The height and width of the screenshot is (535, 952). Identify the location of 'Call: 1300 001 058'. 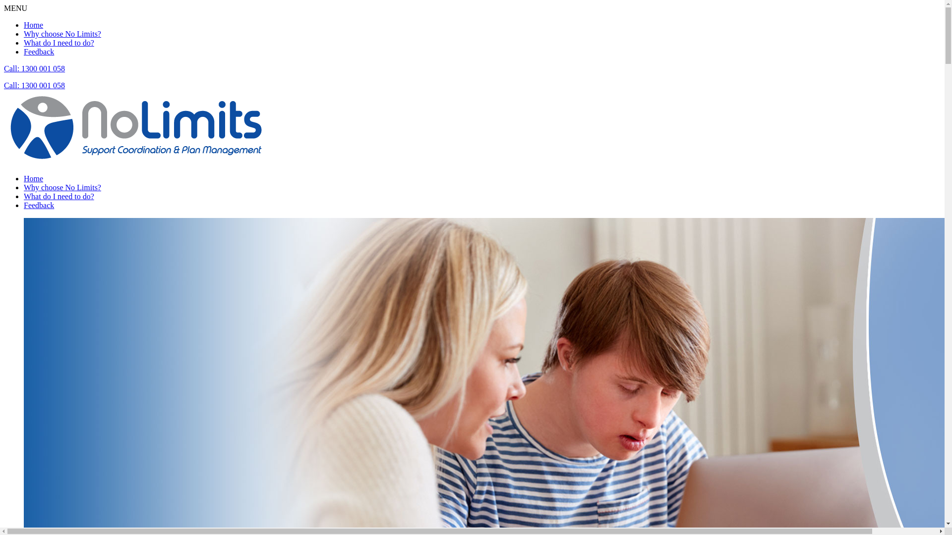
(4, 85).